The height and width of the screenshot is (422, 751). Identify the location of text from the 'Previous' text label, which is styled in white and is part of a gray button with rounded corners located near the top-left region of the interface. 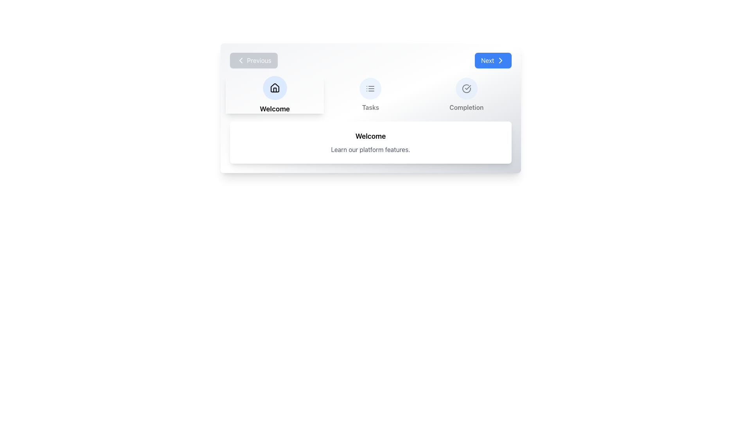
(259, 60).